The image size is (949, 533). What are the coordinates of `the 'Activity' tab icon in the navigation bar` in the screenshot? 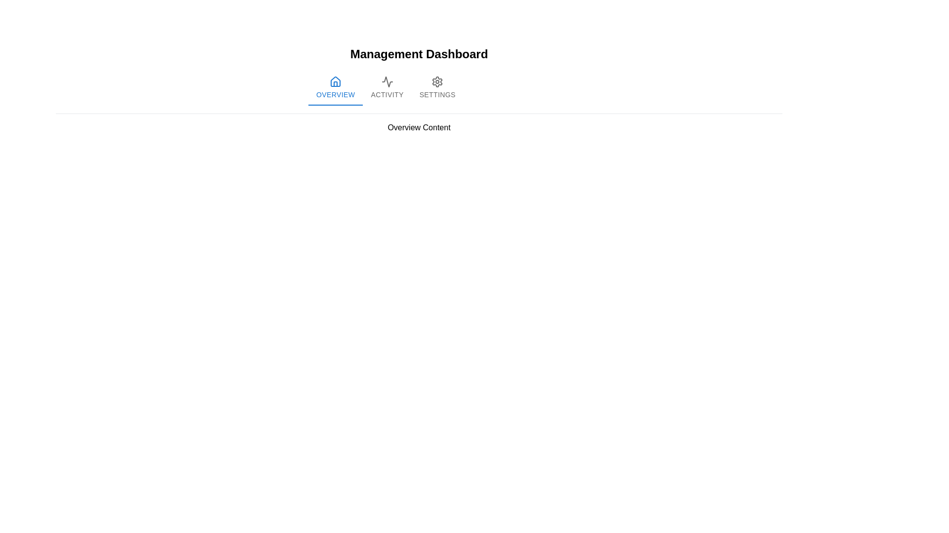 It's located at (387, 81).